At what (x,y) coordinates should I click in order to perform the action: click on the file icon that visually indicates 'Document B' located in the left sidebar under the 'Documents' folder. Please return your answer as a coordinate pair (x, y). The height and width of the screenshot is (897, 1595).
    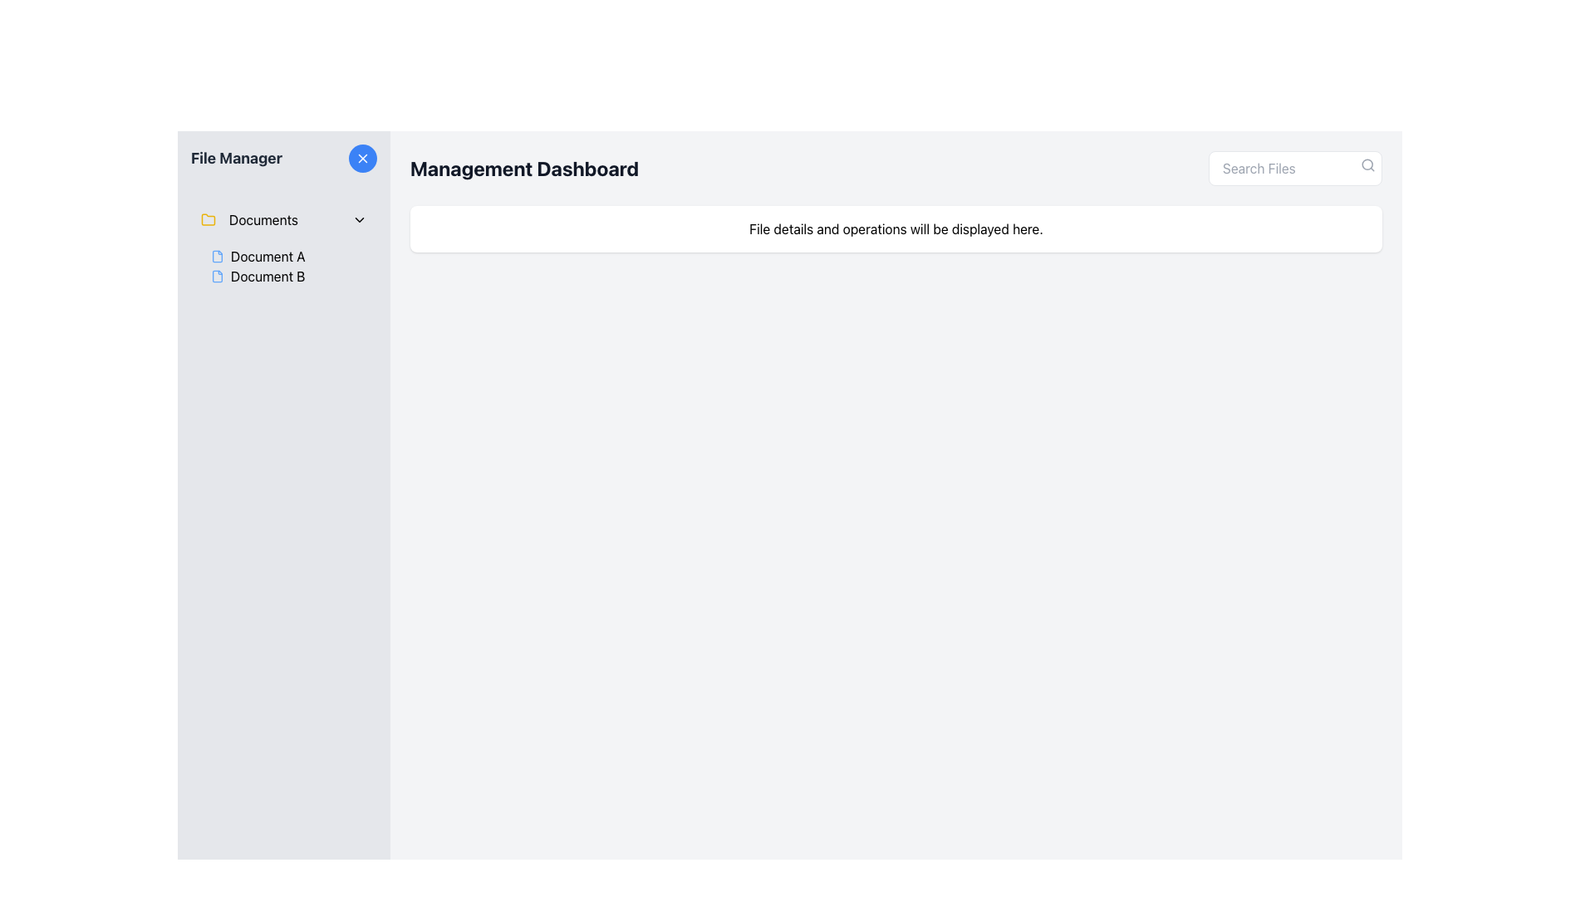
    Looking at the image, I should click on (217, 275).